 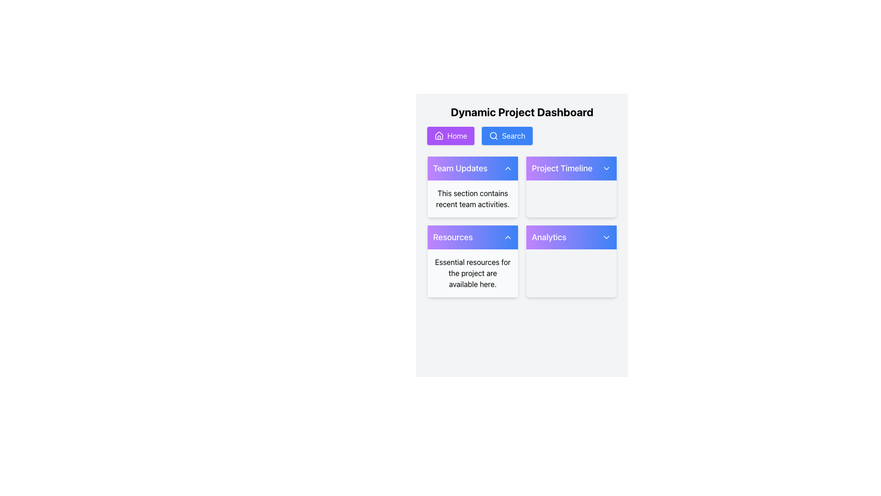 What do you see at coordinates (571, 237) in the screenshot?
I see `the 'Analytics' dropdown toggle` at bounding box center [571, 237].